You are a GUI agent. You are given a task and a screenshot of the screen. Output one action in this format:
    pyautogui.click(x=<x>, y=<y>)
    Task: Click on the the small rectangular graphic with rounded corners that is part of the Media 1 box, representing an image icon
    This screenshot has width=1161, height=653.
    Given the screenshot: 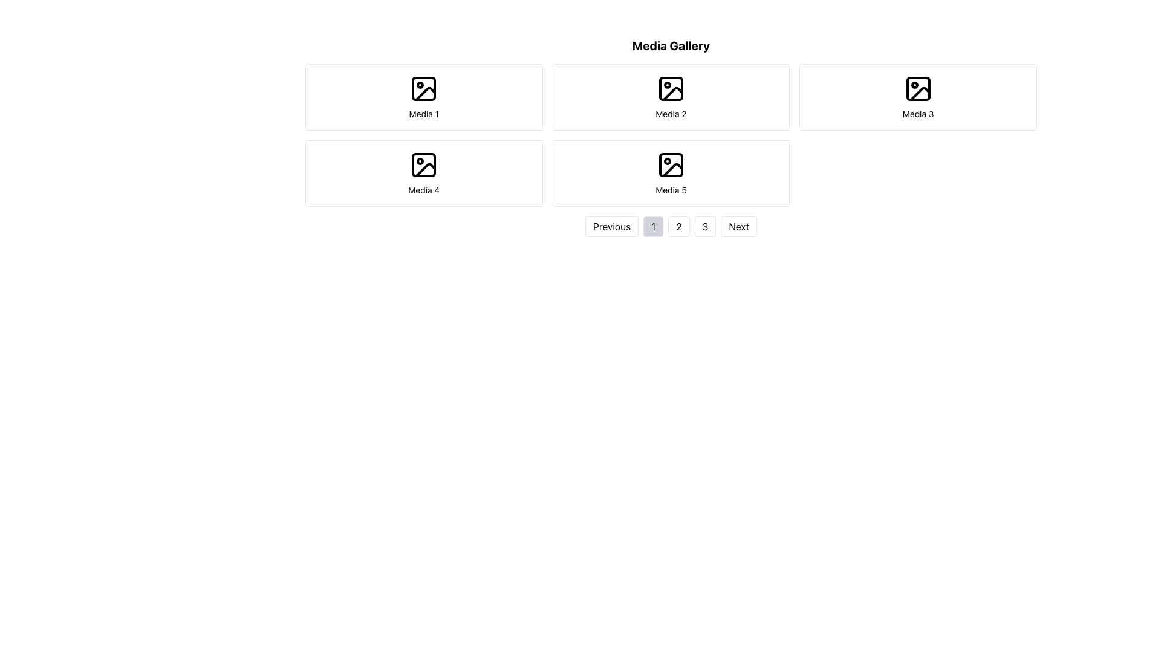 What is the action you would take?
    pyautogui.click(x=424, y=88)
    